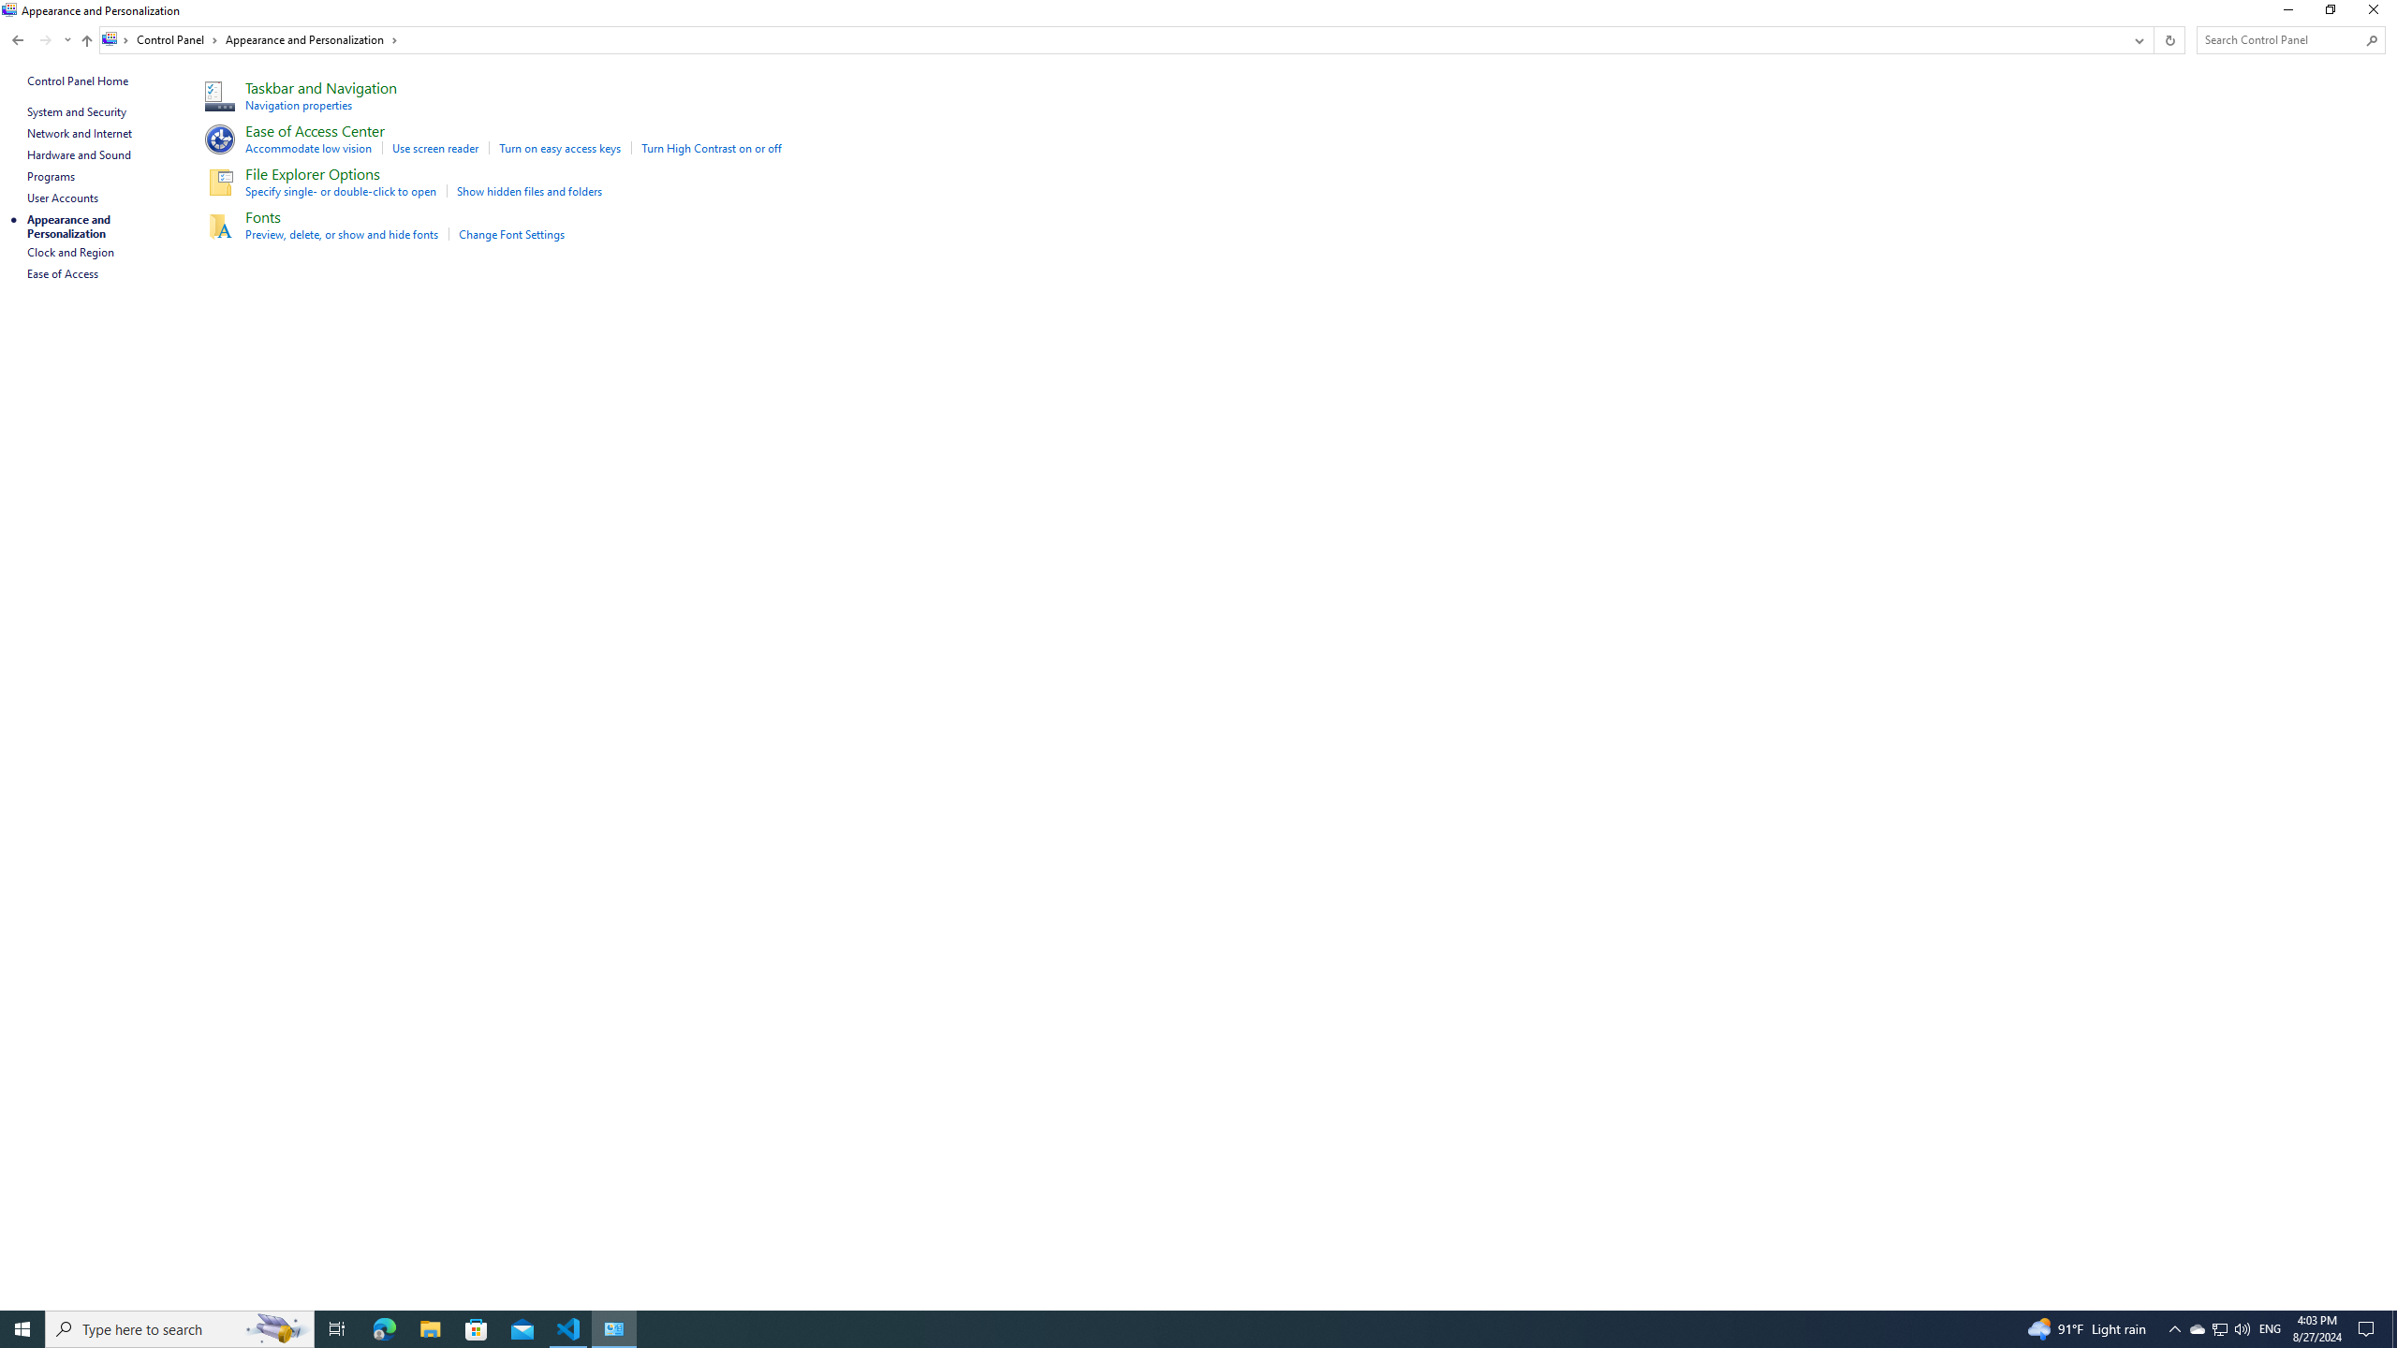 The width and height of the screenshot is (2397, 1348). Describe the element at coordinates (340, 190) in the screenshot. I see `'Specify single- or double-click to open'` at that location.